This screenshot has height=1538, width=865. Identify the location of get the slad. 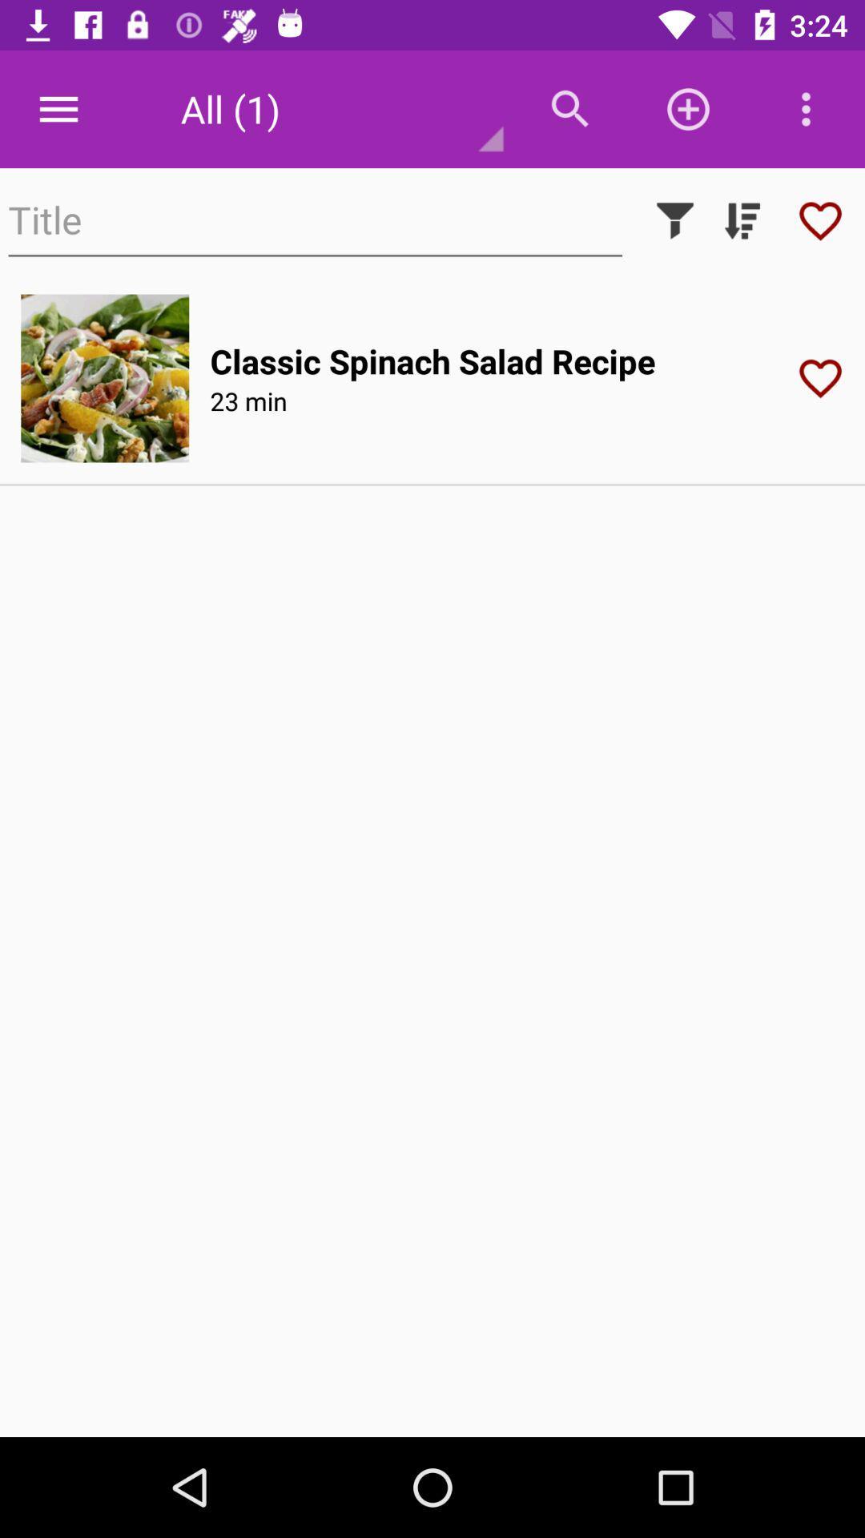
(105, 377).